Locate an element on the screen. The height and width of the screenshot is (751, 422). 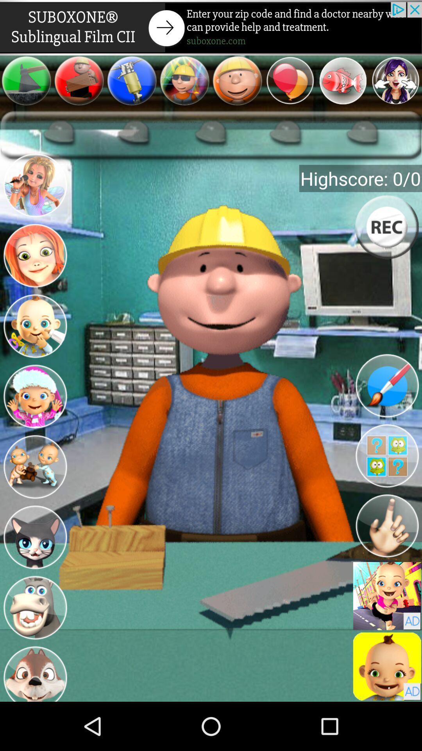
the avatar icon is located at coordinates (184, 86).